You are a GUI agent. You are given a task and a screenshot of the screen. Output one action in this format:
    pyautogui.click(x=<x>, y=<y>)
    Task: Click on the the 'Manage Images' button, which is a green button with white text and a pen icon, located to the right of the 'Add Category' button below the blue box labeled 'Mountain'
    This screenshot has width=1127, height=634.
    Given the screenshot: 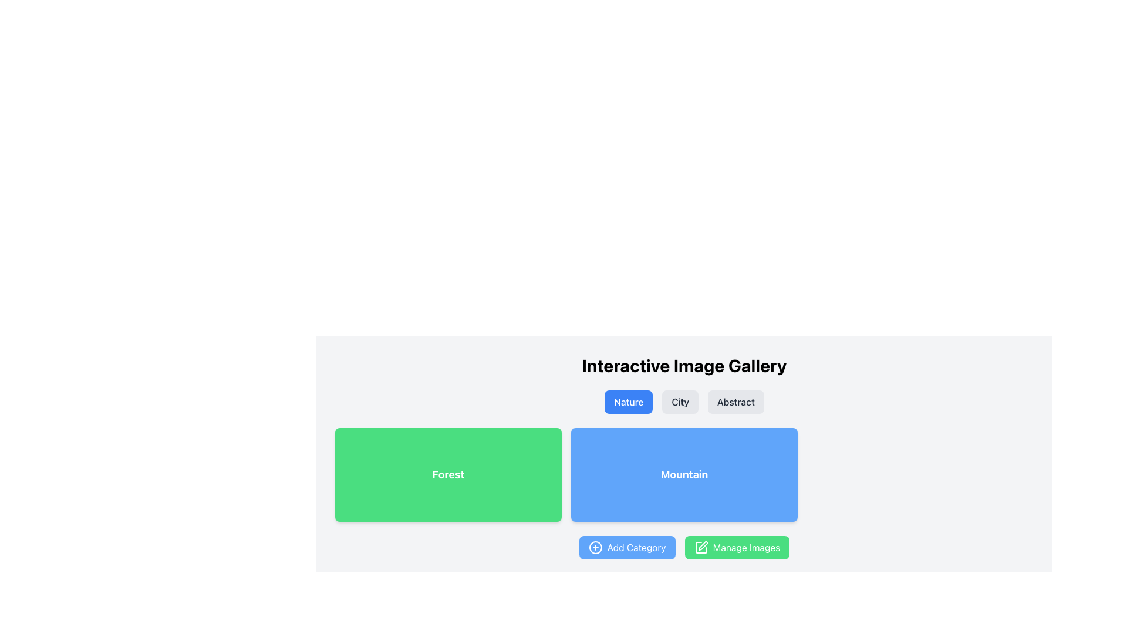 What is the action you would take?
    pyautogui.click(x=736, y=548)
    